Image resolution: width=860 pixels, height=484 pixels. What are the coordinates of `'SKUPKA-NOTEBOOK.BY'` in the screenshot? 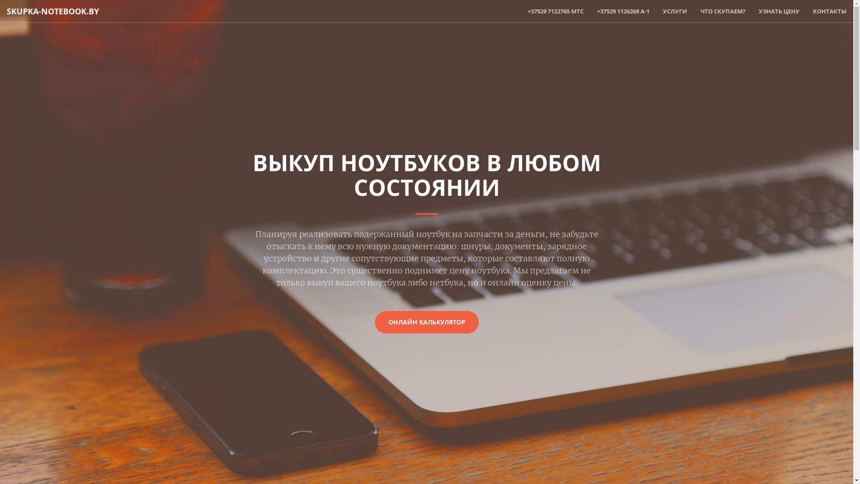 It's located at (52, 11).